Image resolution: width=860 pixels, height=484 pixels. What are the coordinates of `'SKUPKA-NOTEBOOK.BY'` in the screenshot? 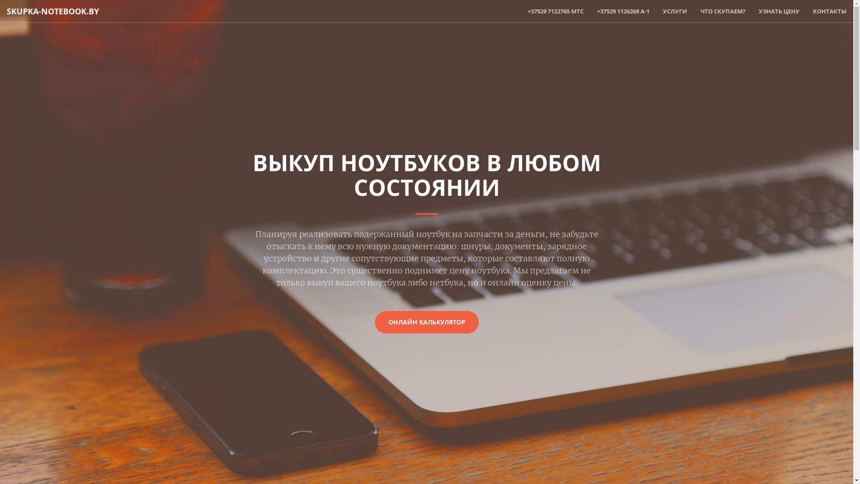 It's located at (52, 11).